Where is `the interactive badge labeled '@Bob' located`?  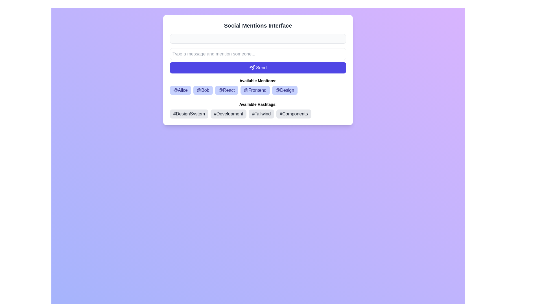
the interactive badge labeled '@Bob' located is located at coordinates (203, 90).